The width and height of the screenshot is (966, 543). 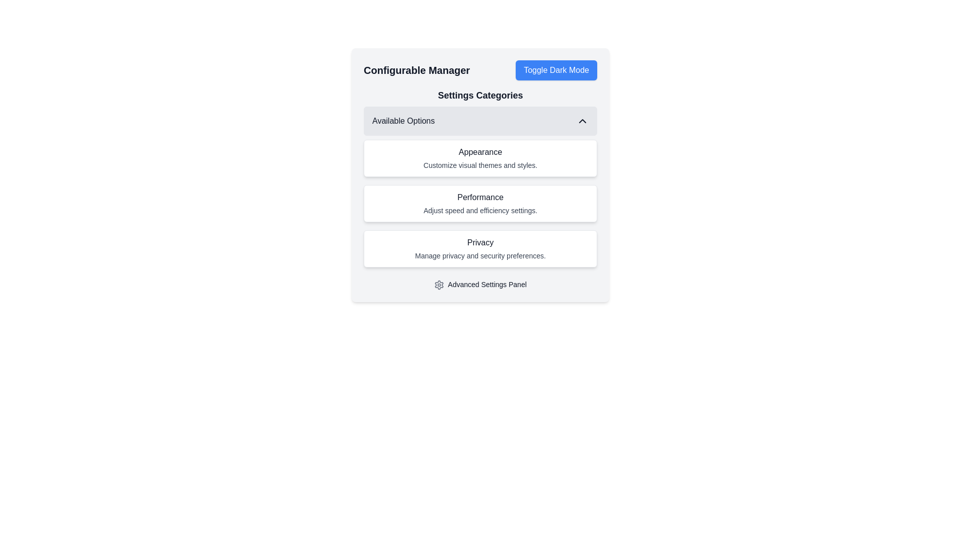 I want to click on the blue rectangular button with rounded corners labeled 'Toggle Dark Mode' located at the top-right corner of the Configurable Manager section, so click(x=556, y=69).